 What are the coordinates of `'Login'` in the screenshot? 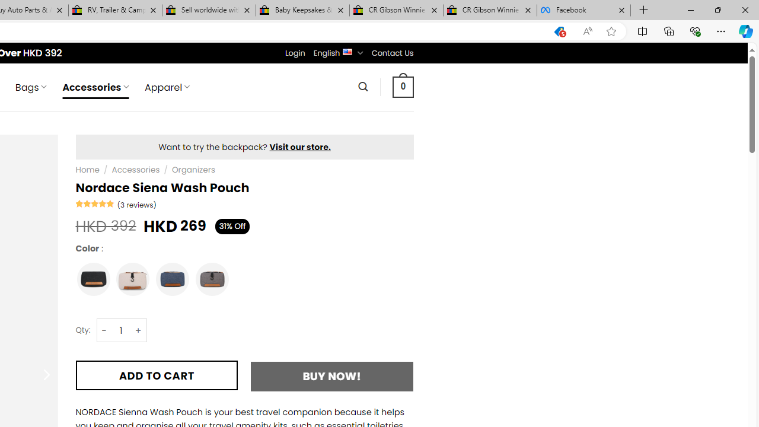 It's located at (295, 52).